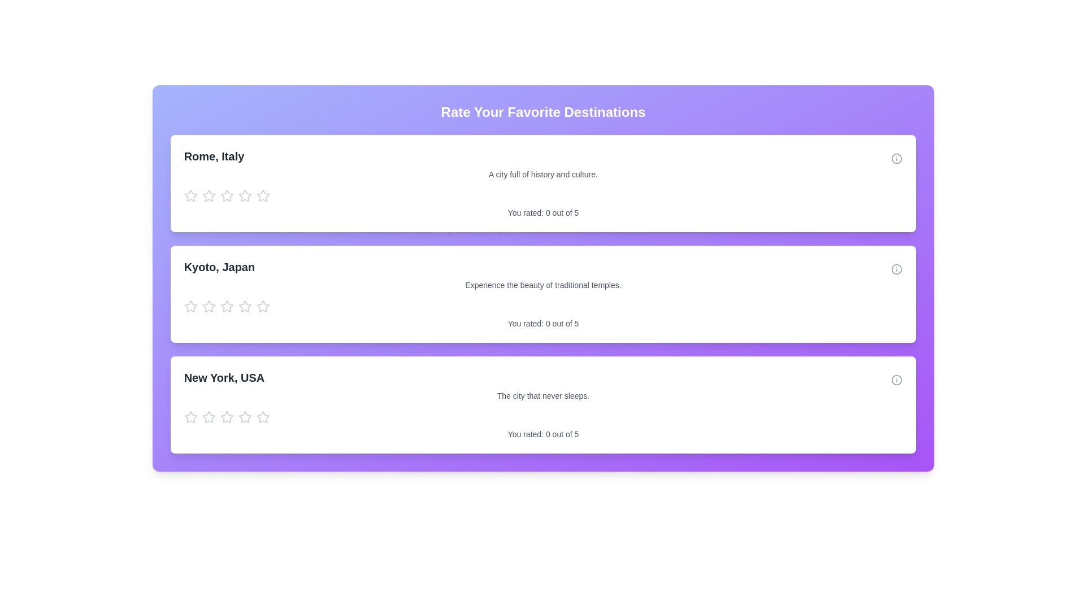 The width and height of the screenshot is (1085, 610). What do you see at coordinates (543, 174) in the screenshot?
I see `text snippet styled in gray color that displays 'A city full of history and culture.' located below the title 'Rome, Italy'` at bounding box center [543, 174].